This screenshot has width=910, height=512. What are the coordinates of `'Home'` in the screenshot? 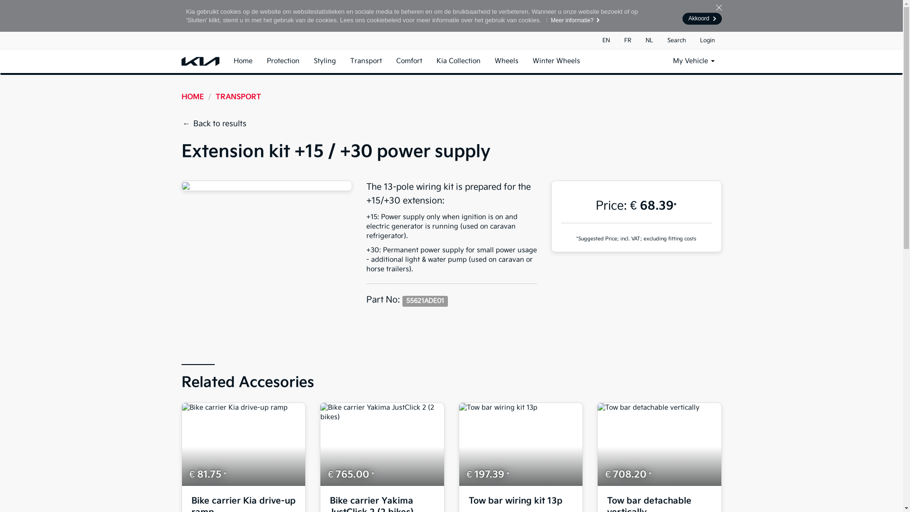 It's located at (243, 61).